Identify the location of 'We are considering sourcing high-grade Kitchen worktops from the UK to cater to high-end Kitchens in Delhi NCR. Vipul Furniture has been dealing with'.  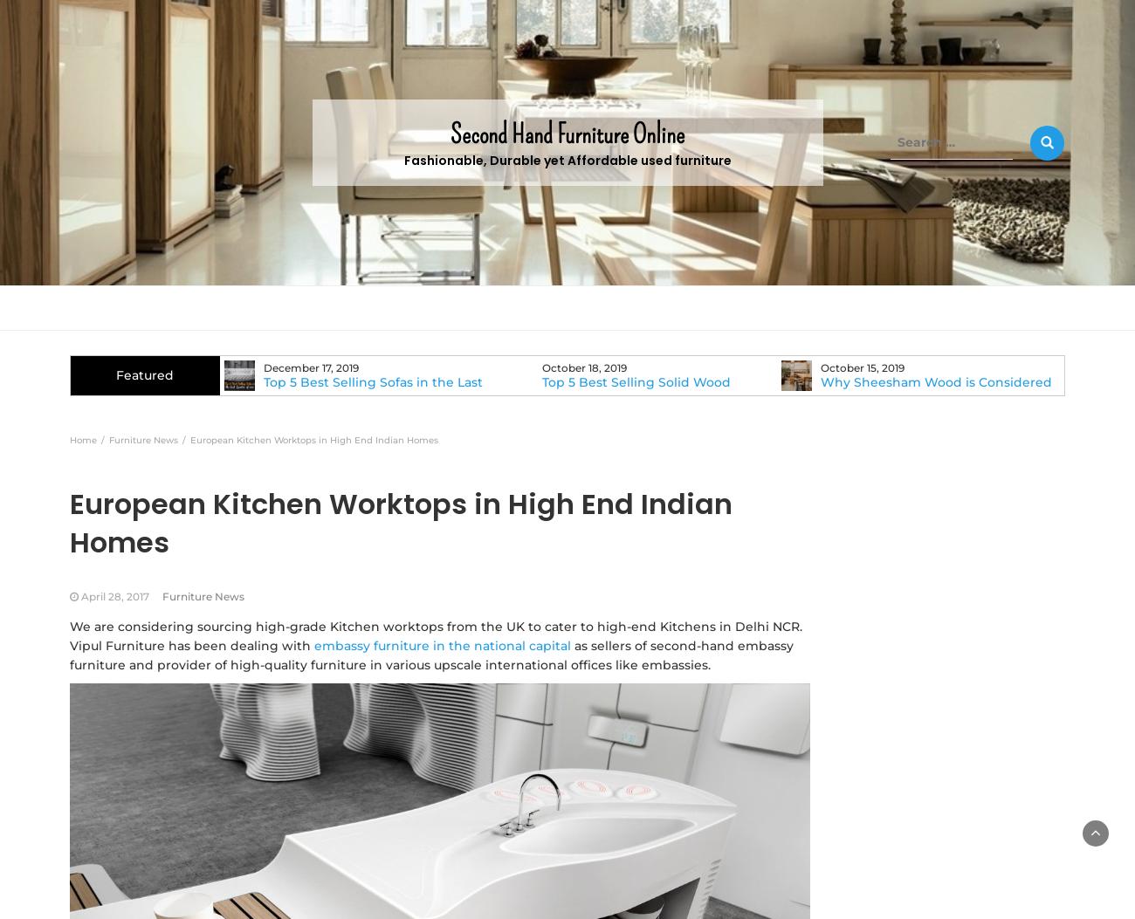
(436, 634).